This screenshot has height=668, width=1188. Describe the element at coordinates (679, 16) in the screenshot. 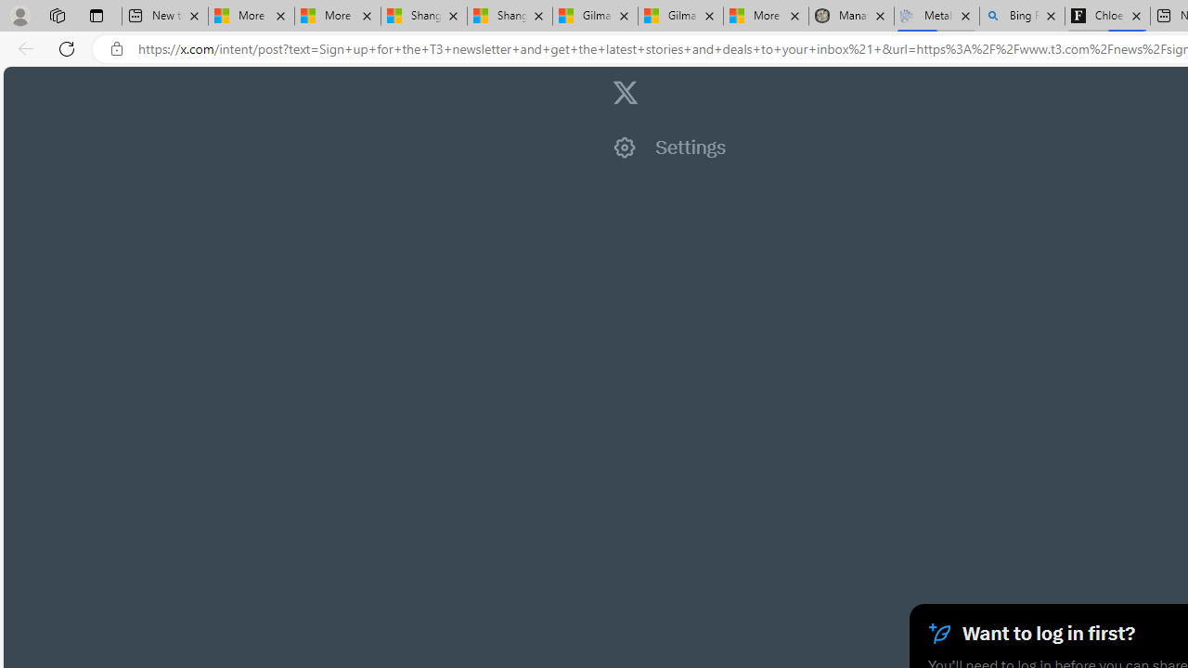

I see `'Gilma and Hector both pose tropical trouble for Hawaii'` at that location.